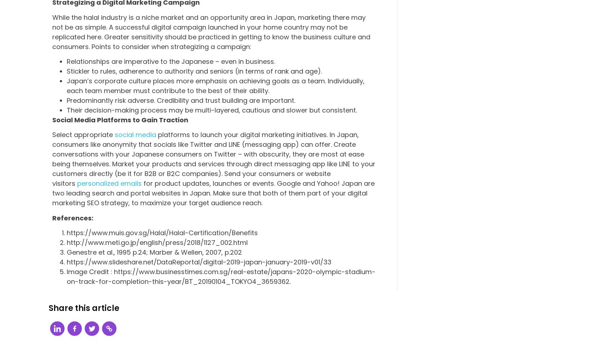 The height and width of the screenshot is (347, 595). Describe the element at coordinates (66, 277) in the screenshot. I see `'Image Credit : https://www.businesstimes.com.sg/real-estate/japans-2020-olympic-stadium-on-track-for-completion-this-year/BT_20190104_TOKYO4_3659362.'` at that location.